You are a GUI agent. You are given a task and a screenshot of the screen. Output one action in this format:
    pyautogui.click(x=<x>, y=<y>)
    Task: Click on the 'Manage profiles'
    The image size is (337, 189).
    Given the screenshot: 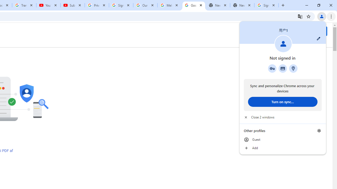 What is the action you would take?
    pyautogui.click(x=319, y=130)
    